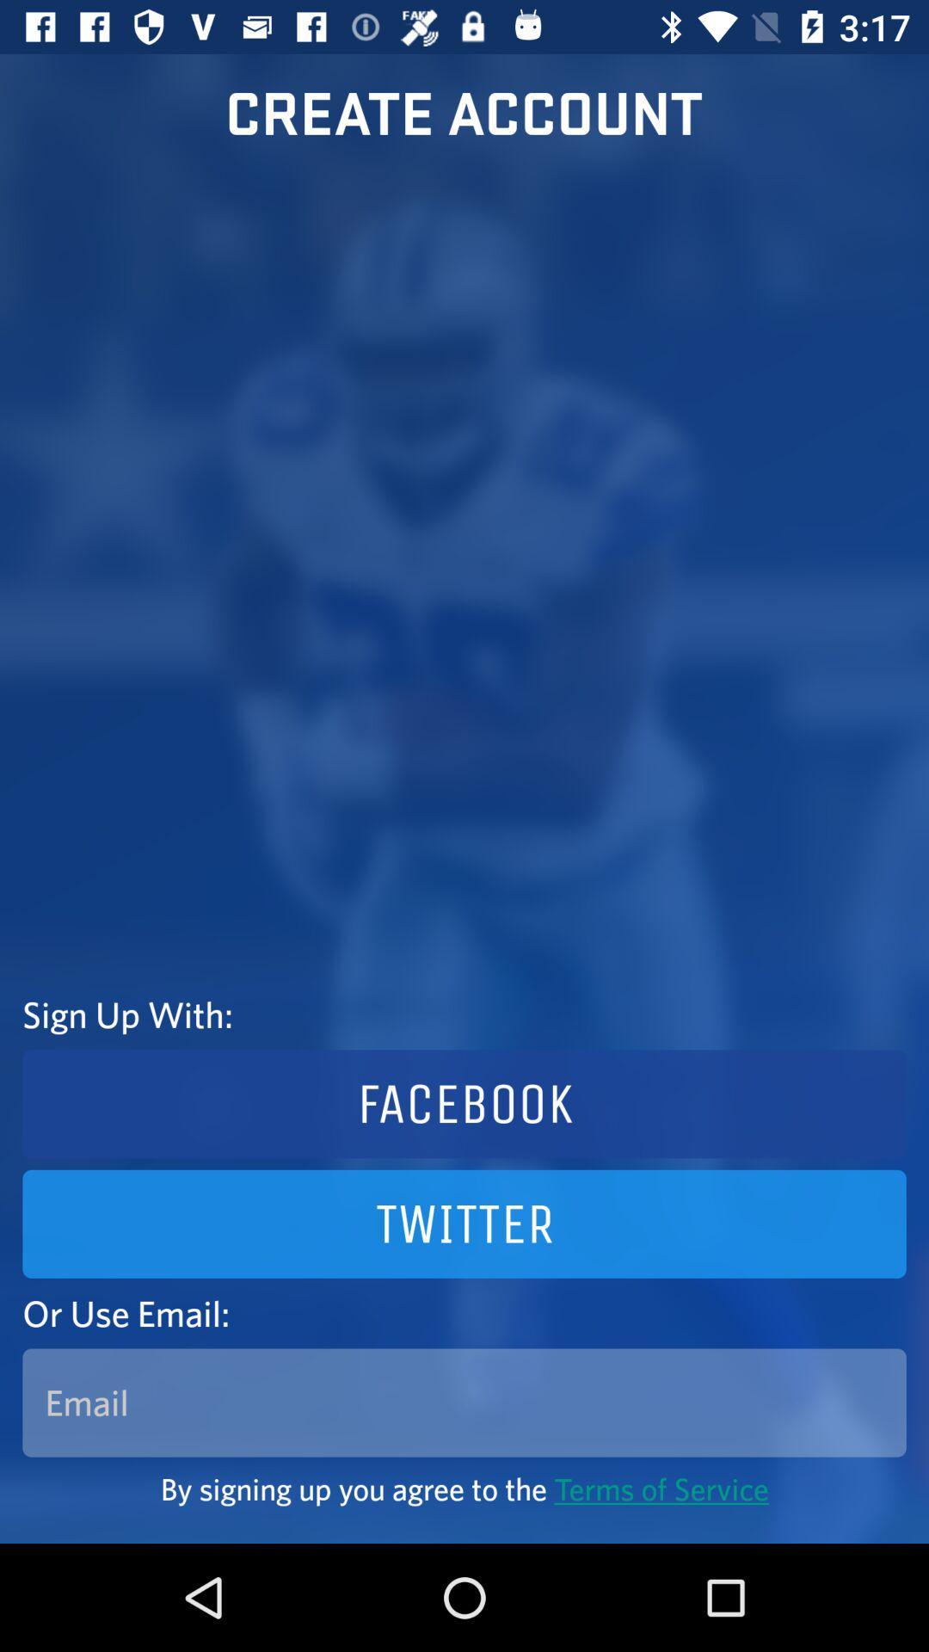 This screenshot has width=929, height=1652. I want to click on by signing up, so click(464, 1488).